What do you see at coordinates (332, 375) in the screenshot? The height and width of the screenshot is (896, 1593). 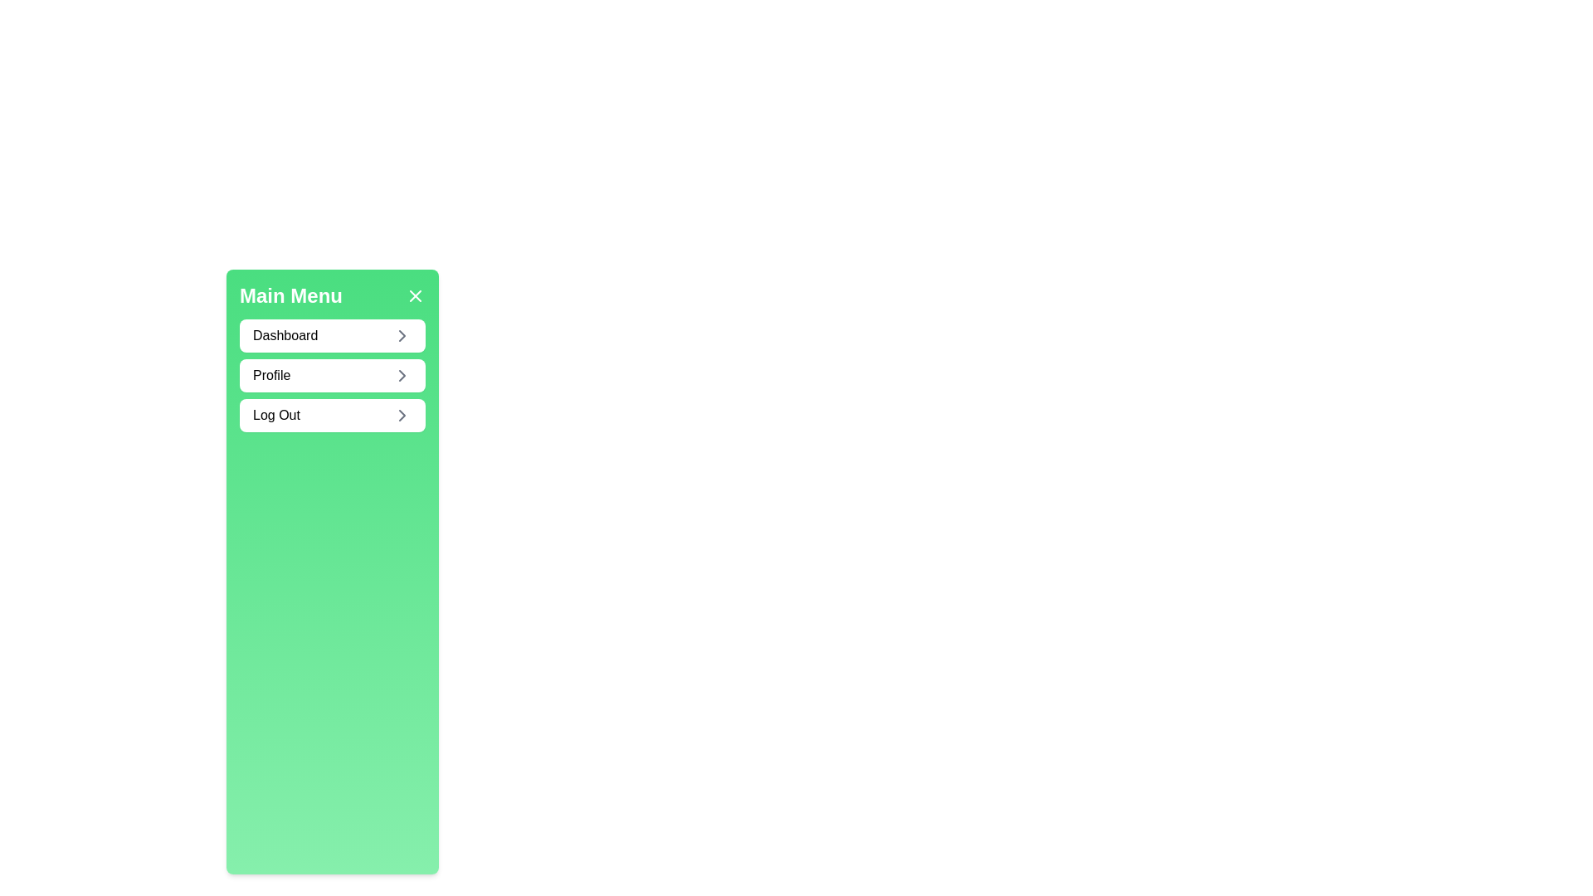 I see `the menu item labeled Profile` at bounding box center [332, 375].